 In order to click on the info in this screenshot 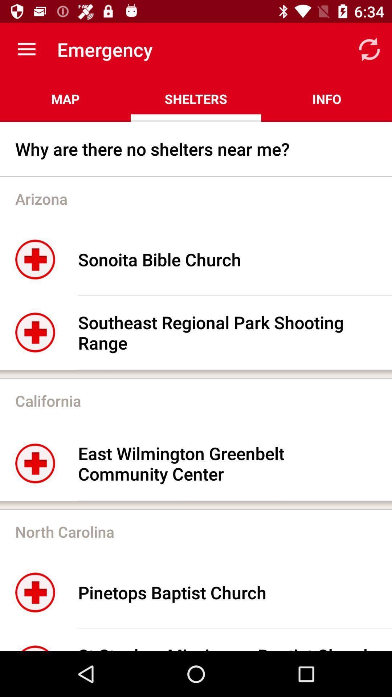, I will do `click(326, 99)`.